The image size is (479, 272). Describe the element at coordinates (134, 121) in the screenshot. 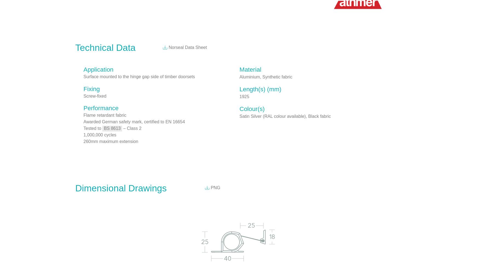

I see `'Awarded German safety mark, certified to EN 16654'` at that location.